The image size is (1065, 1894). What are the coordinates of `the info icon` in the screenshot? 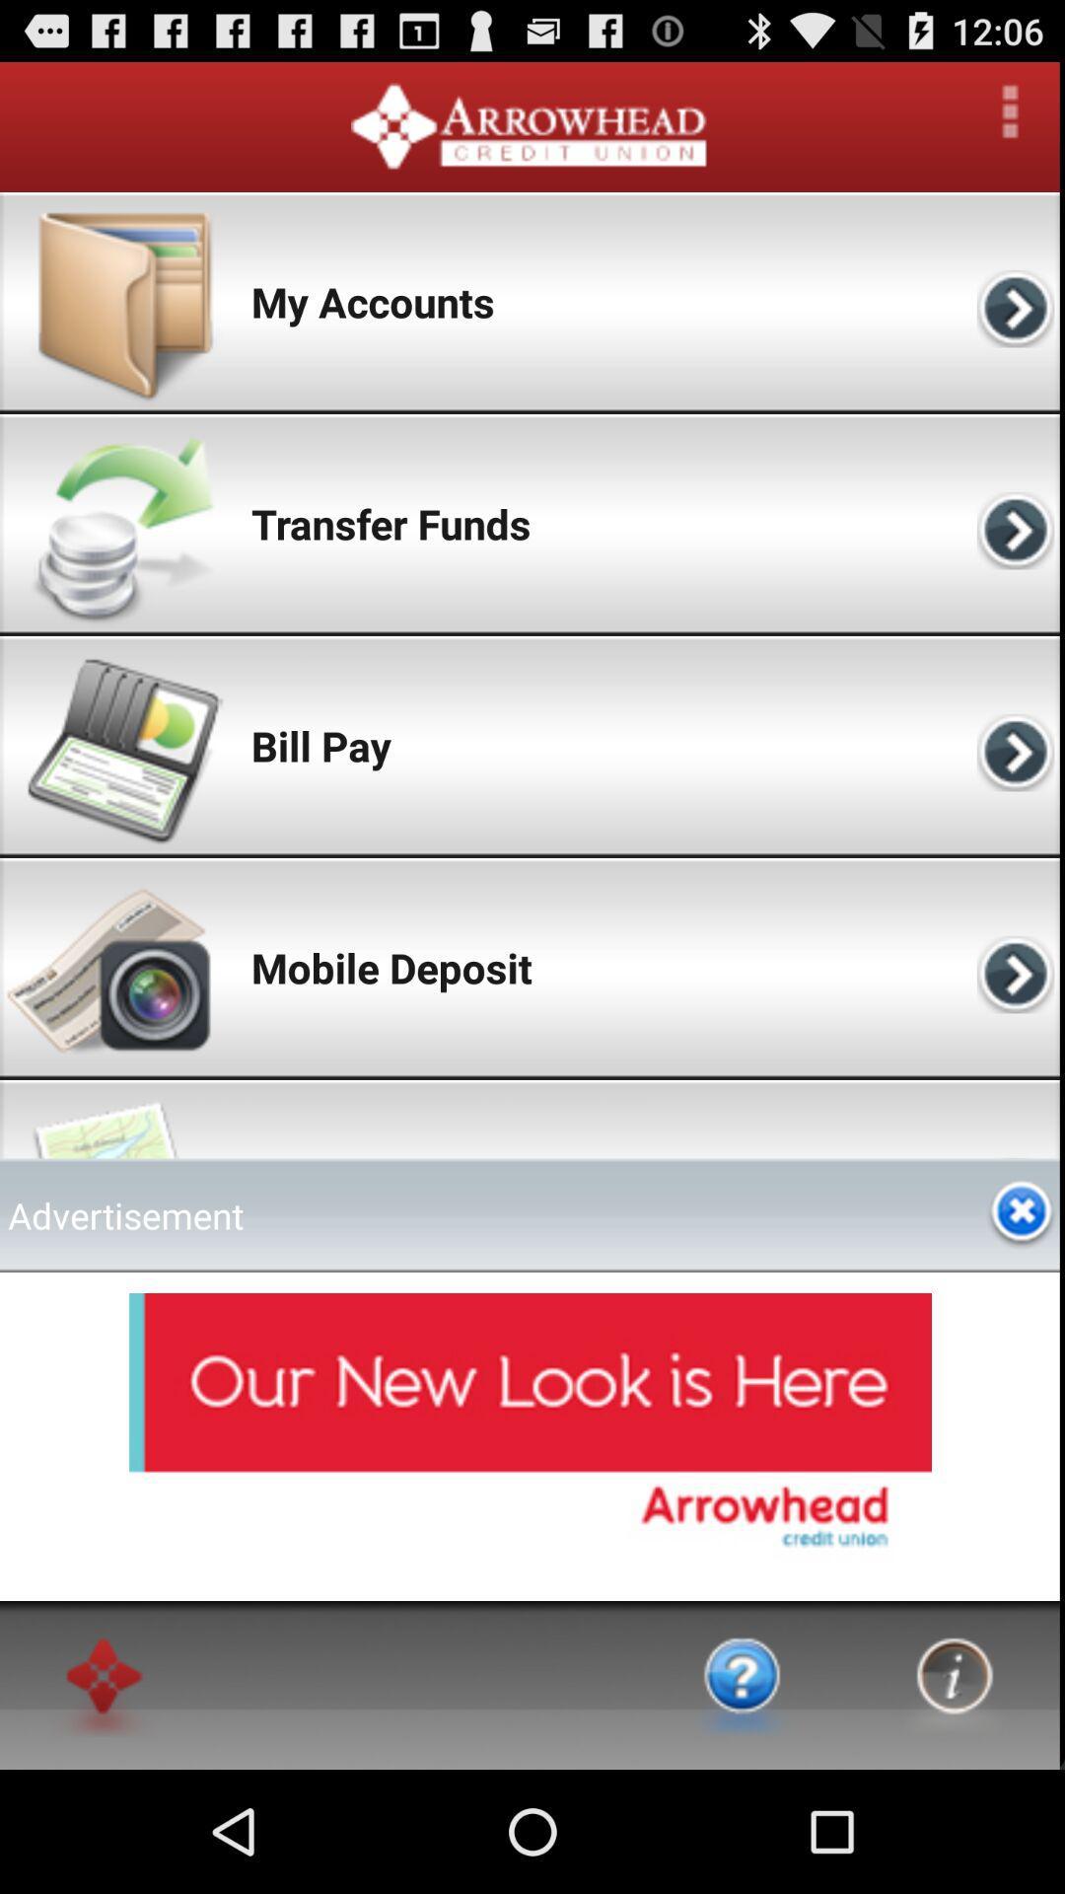 It's located at (981, 1803).